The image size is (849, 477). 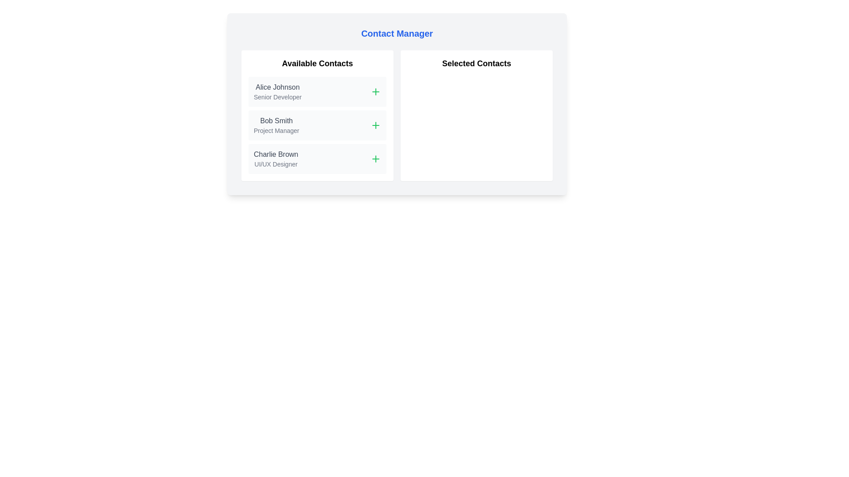 I want to click on the text label that provides additional information about 'Bob Smith', indicating their role as 'Project Manager', located in the 'Available Contacts' section, so click(x=276, y=131).